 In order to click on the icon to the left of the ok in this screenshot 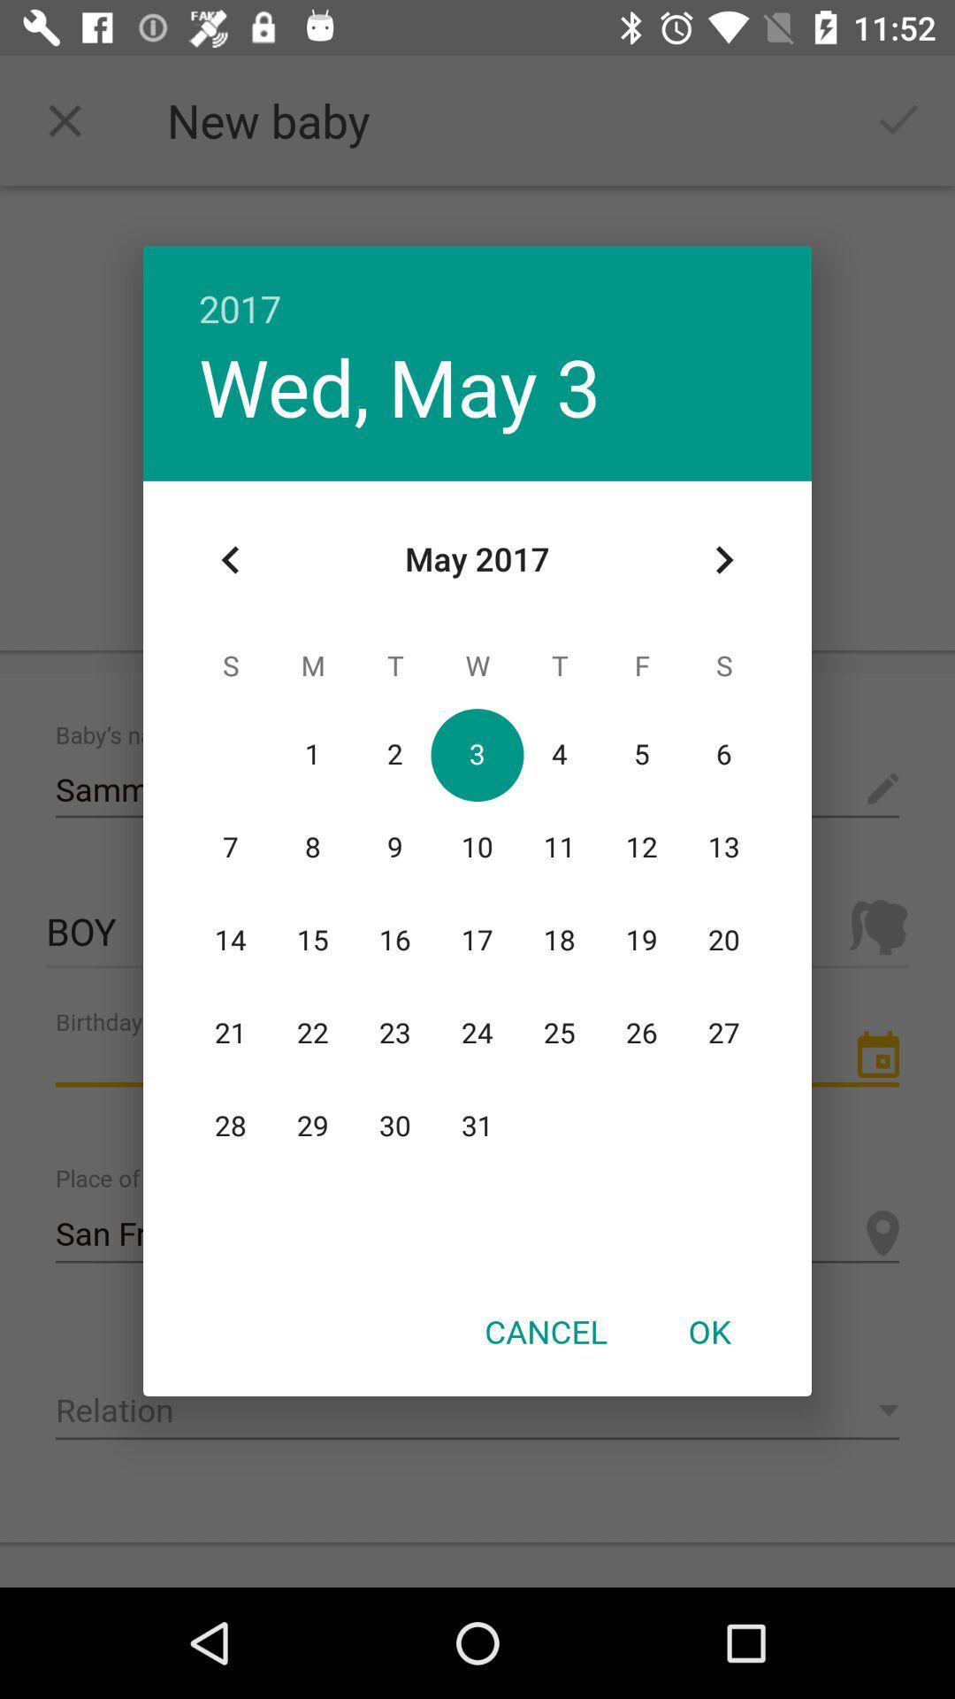, I will do `click(545, 1331)`.